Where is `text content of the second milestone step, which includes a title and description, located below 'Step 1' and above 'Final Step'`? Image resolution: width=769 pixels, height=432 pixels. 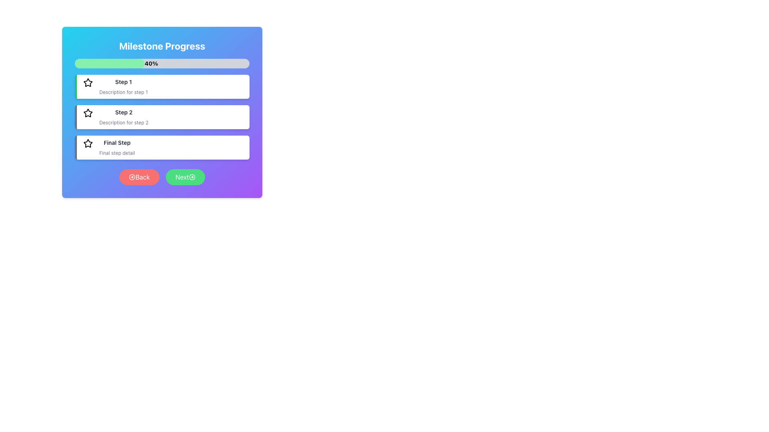
text content of the second milestone step, which includes a title and description, located below 'Step 1' and above 'Final Step' is located at coordinates (123, 117).